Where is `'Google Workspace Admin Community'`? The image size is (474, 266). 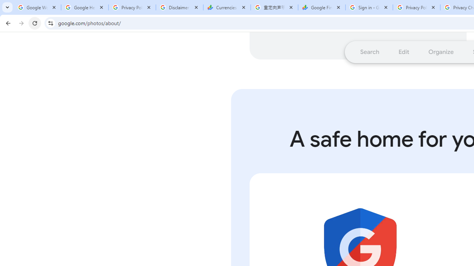 'Google Workspace Admin Community' is located at coordinates (37, 7).